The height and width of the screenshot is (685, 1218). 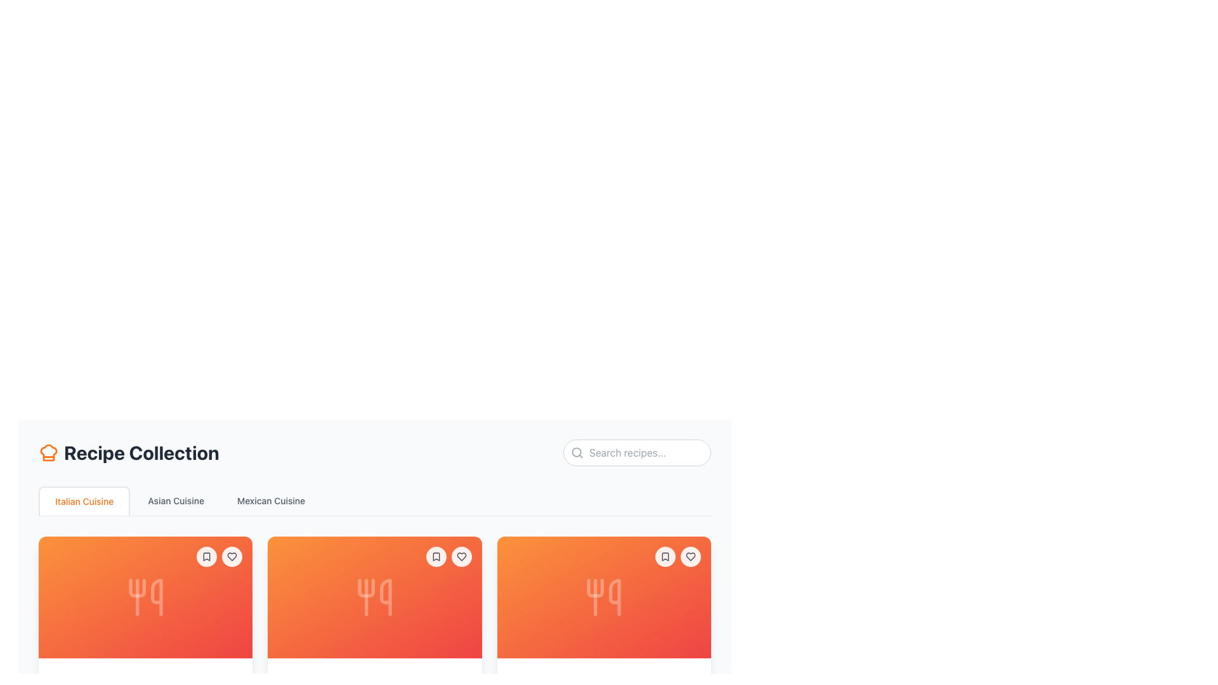 I want to click on the decorative icon representing recipes or cooking-related content, located in the upper portion of the first recipe card, so click(x=145, y=597).